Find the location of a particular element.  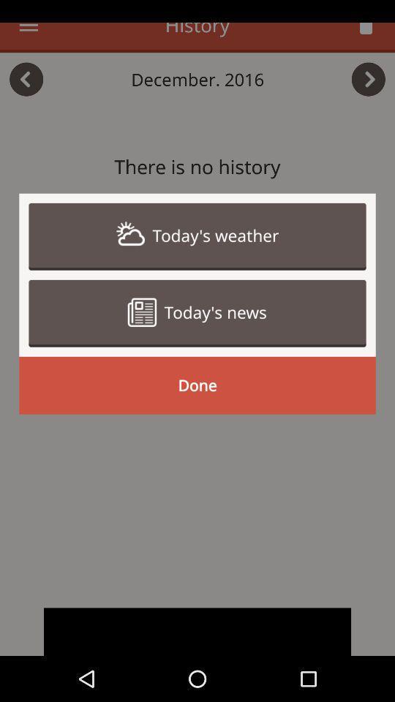

button below done button is located at coordinates (197, 631).